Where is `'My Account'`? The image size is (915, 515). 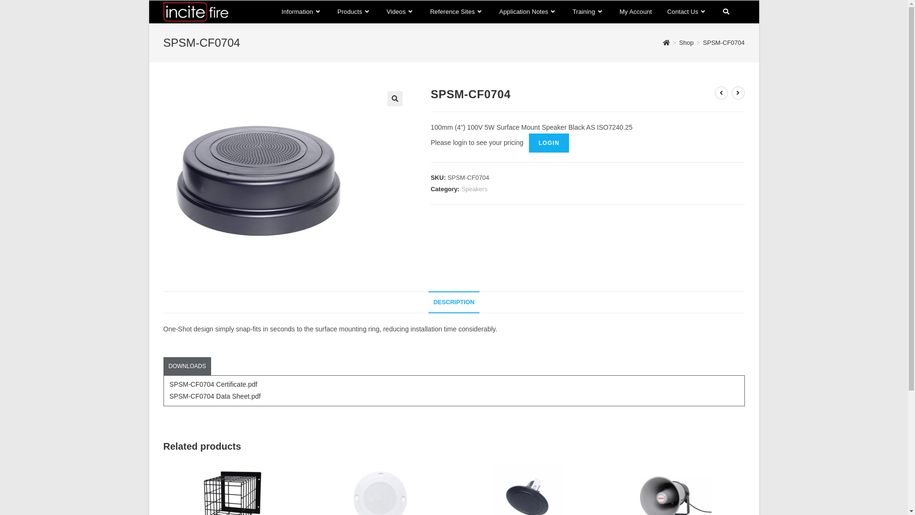 'My Account' is located at coordinates (636, 11).